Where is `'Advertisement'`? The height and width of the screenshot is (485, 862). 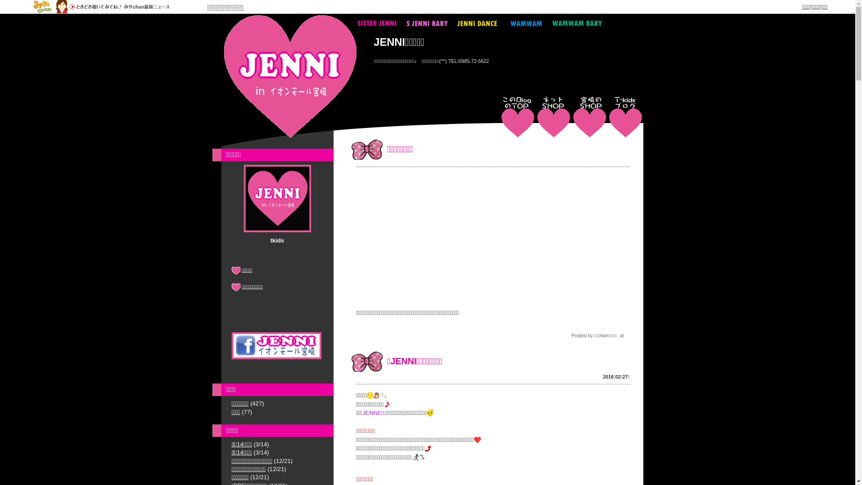
'Advertisement' is located at coordinates (492, 236).